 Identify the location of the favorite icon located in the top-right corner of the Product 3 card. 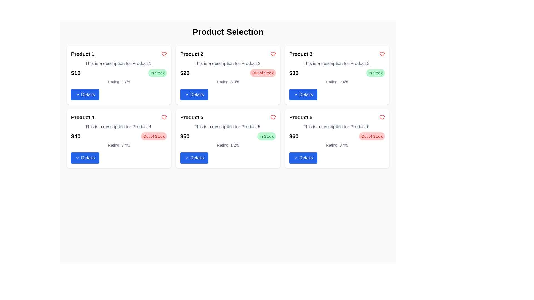
(382, 54).